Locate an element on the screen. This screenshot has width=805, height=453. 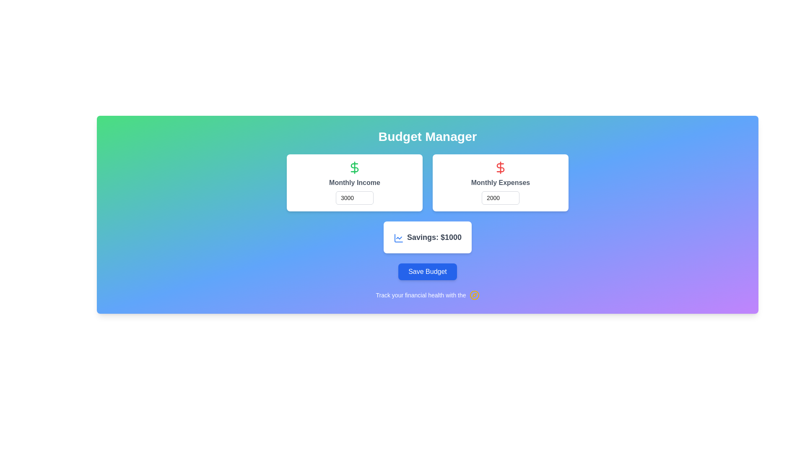
the small upward arrow button located above the downward arrow in the numeric input field for 'Monthly Income' to increment the displayed value is located at coordinates (373, 195).